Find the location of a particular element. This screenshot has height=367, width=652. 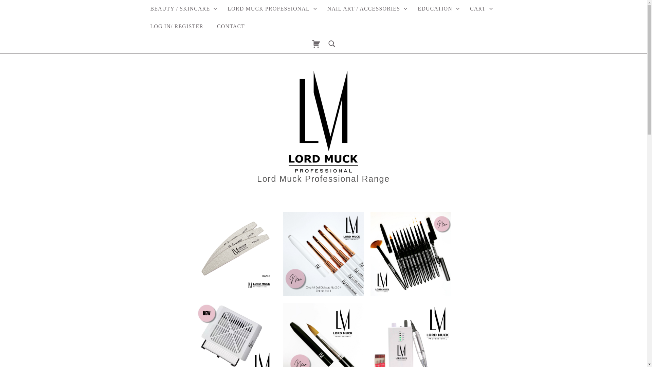

'CONTACT' is located at coordinates (231, 26).